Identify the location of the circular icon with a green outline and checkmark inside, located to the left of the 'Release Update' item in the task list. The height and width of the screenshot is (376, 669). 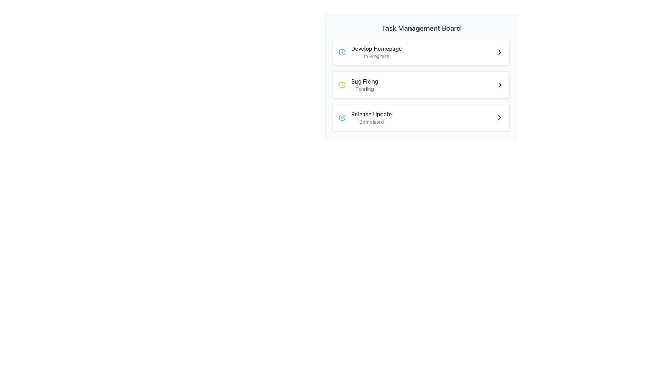
(342, 117).